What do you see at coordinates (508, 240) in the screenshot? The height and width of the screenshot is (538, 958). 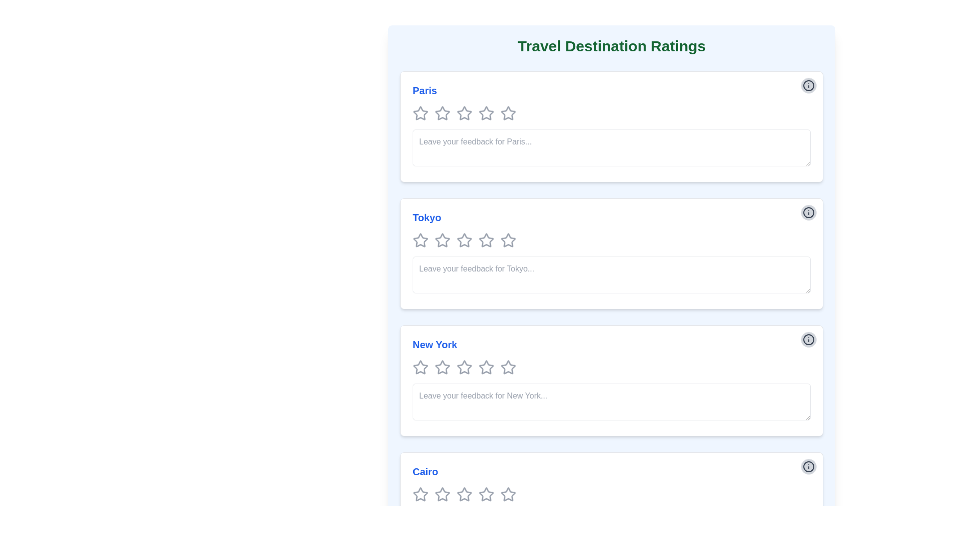 I see `the fifth star icon in the Tokyo rating section` at bounding box center [508, 240].